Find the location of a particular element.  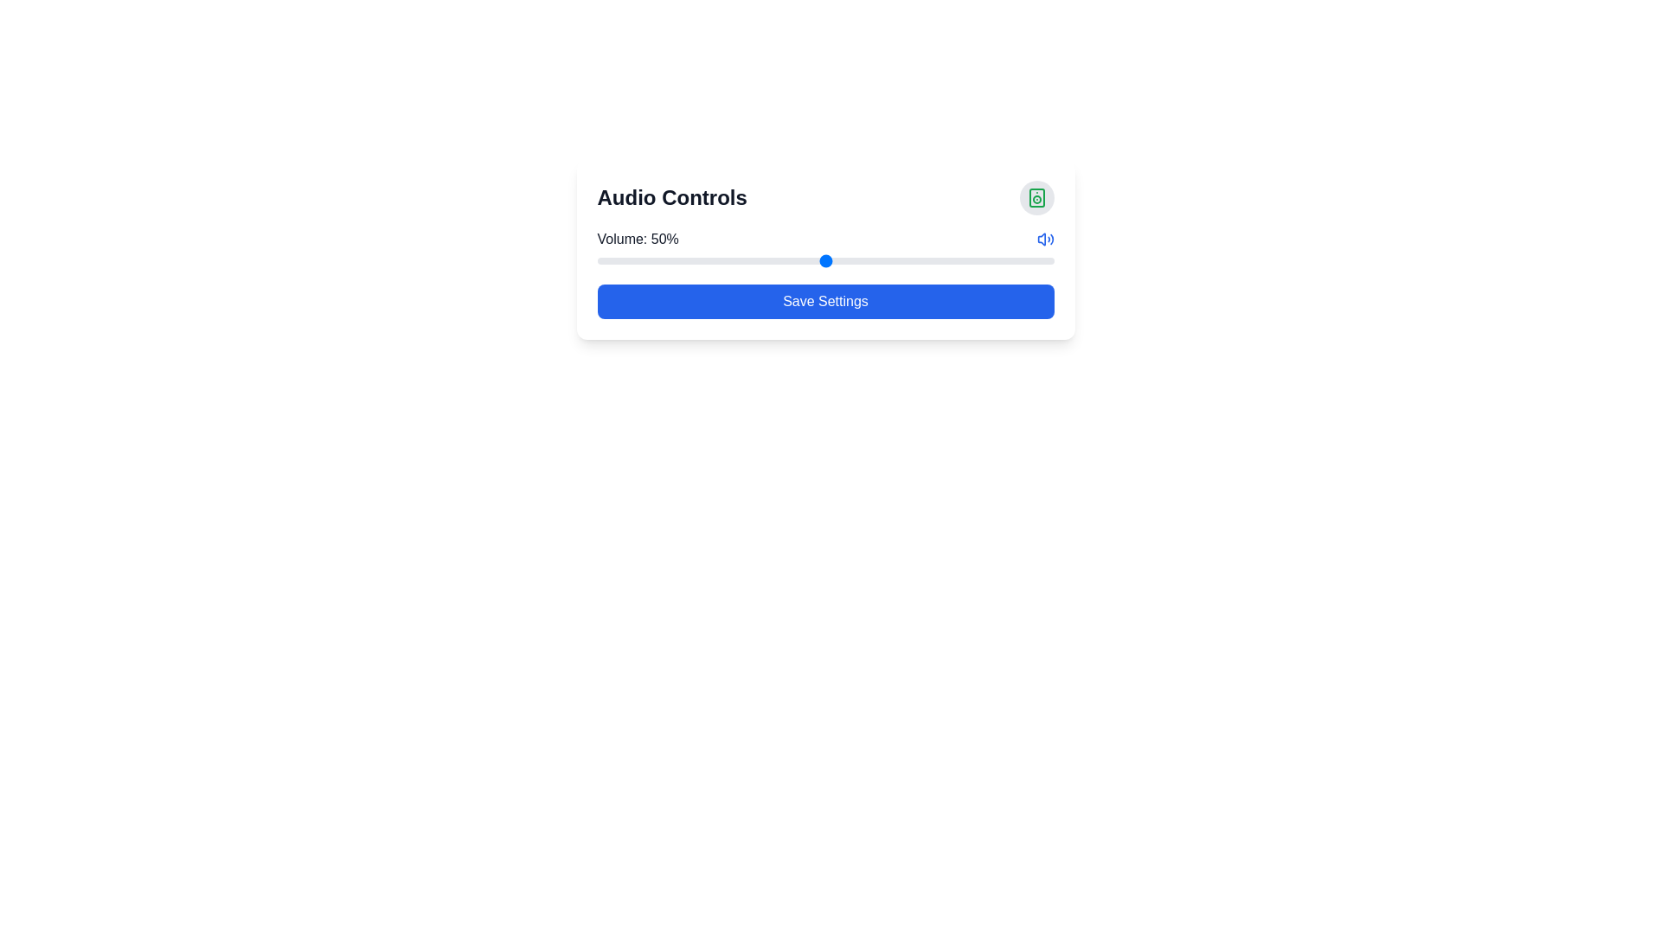

the volume is located at coordinates (853, 260).